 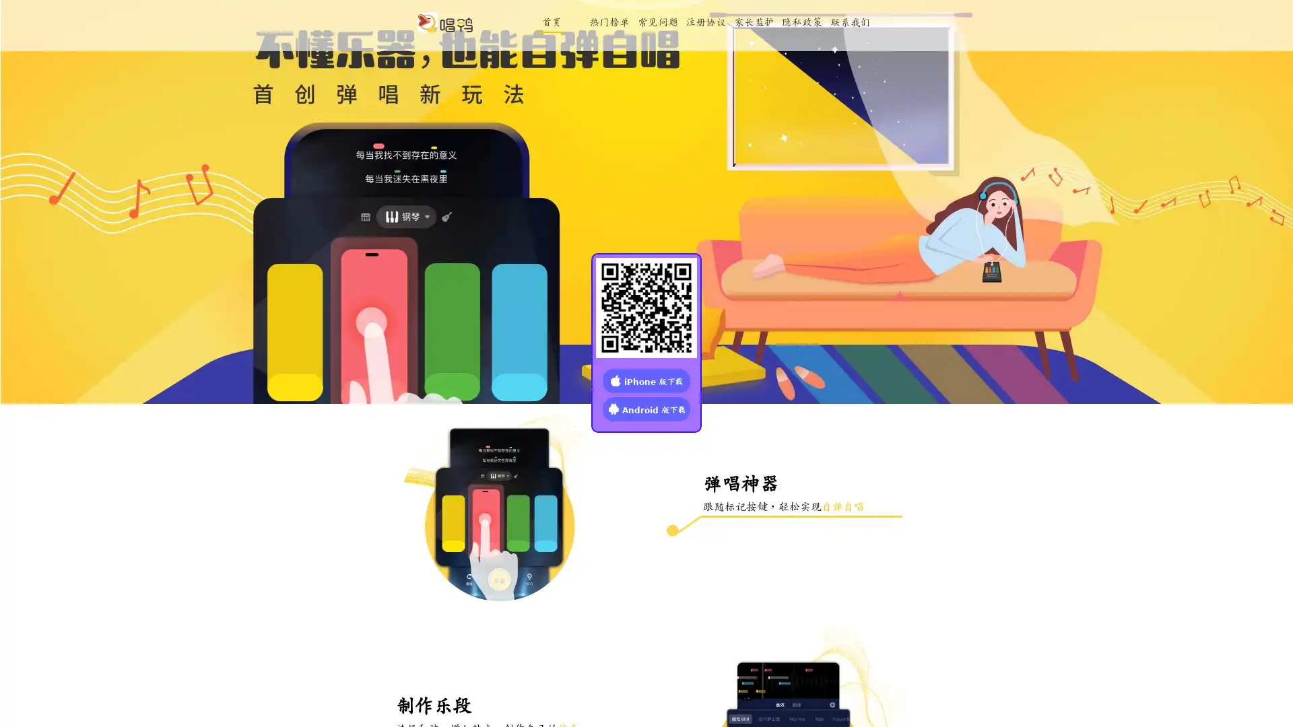 I want to click on Android, so click(x=646, y=407).